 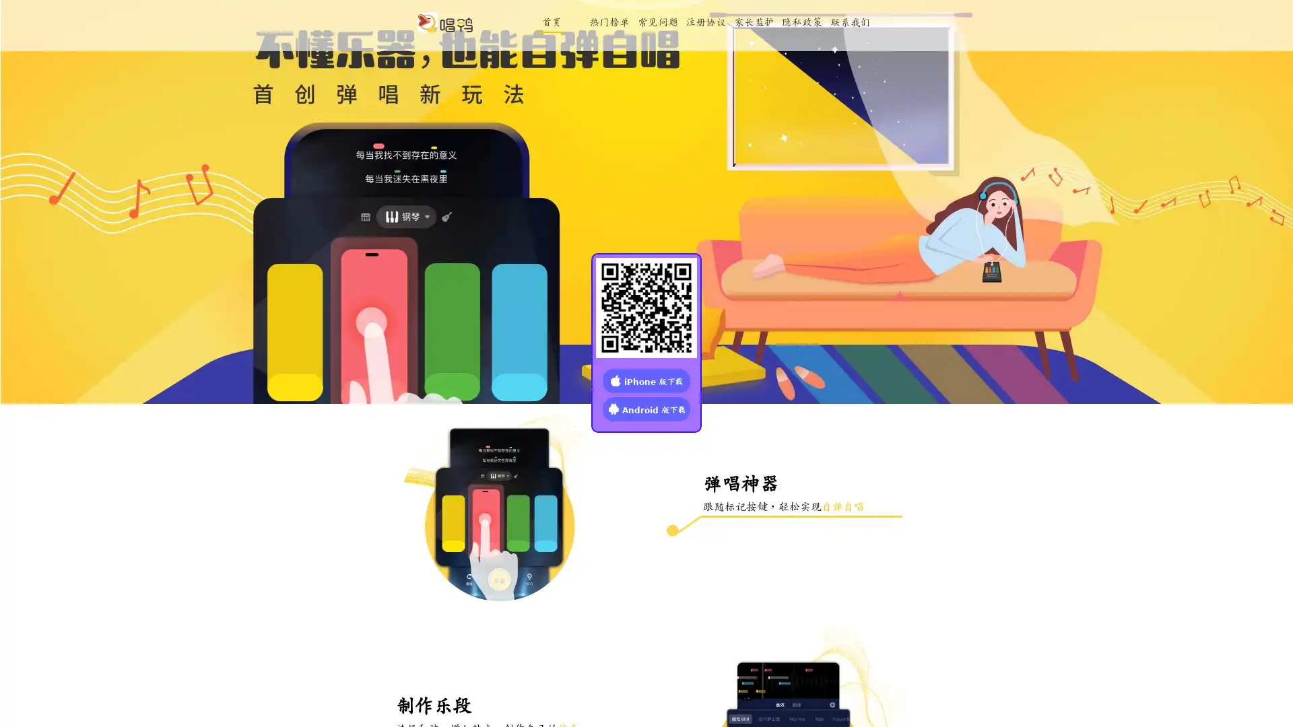 I want to click on Android, so click(x=646, y=407).